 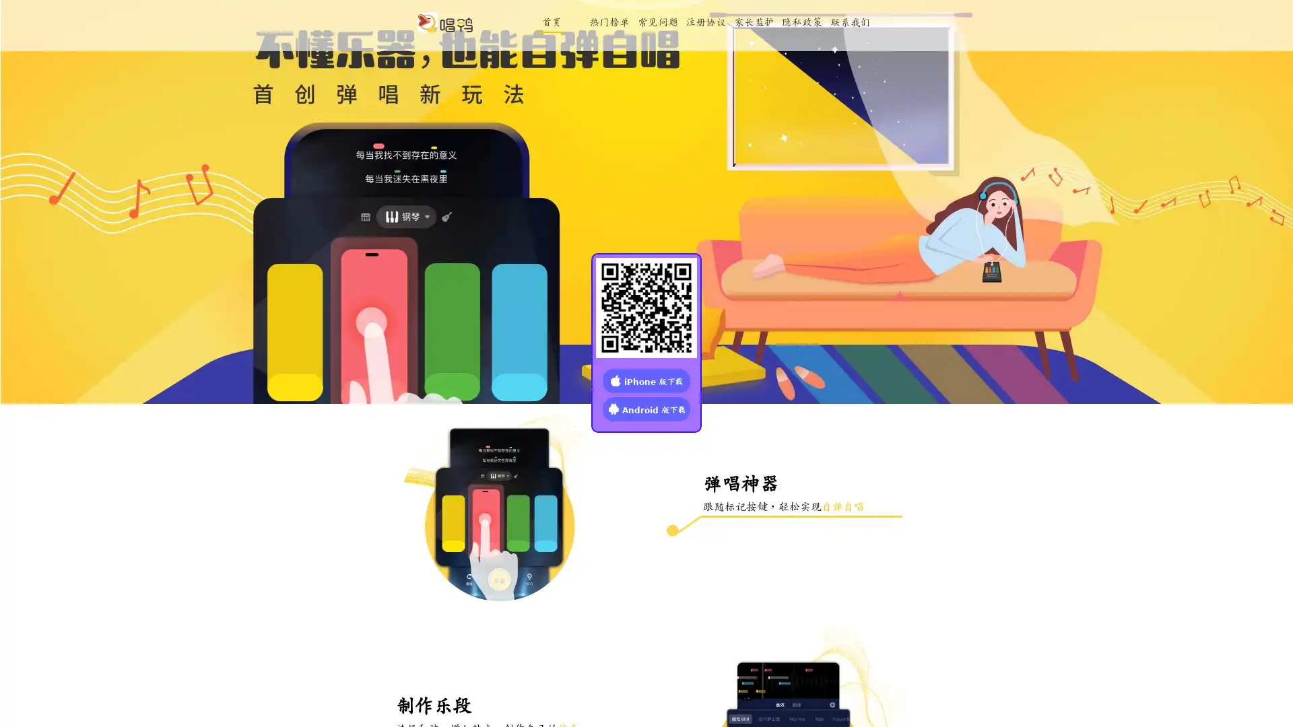 I want to click on Android, so click(x=646, y=407).